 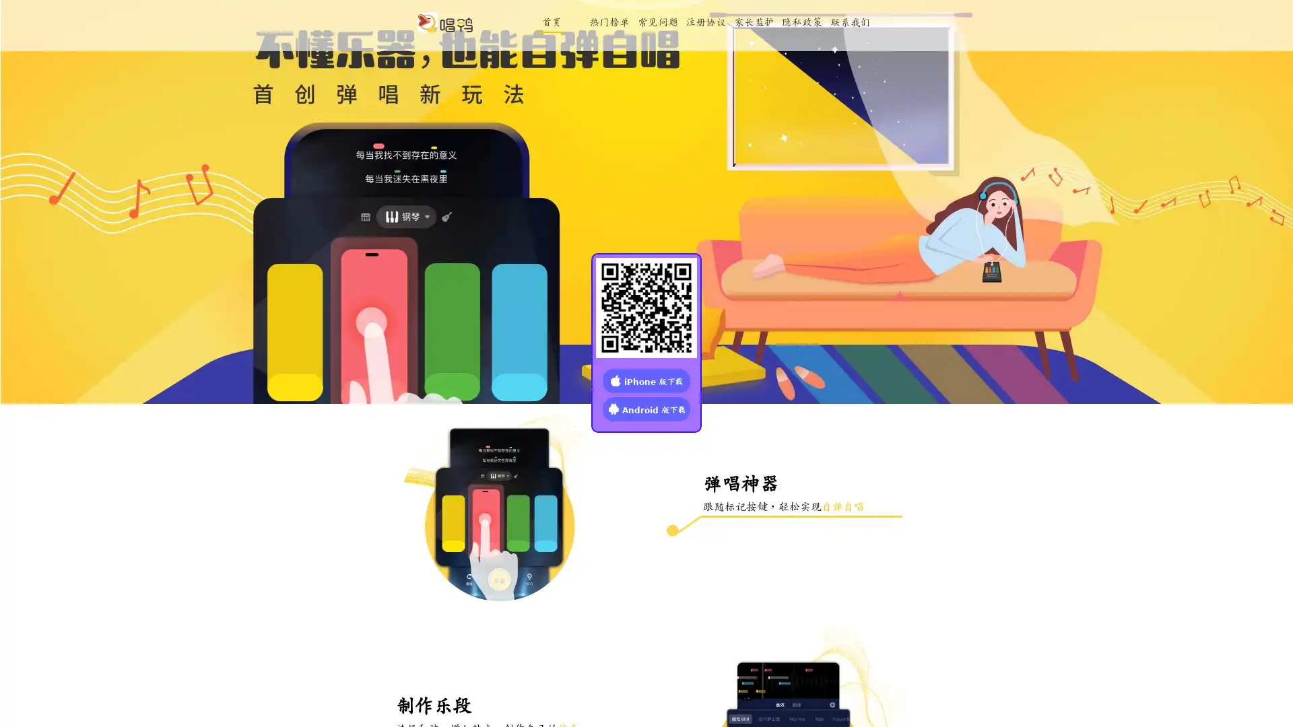 I want to click on Android, so click(x=646, y=407).